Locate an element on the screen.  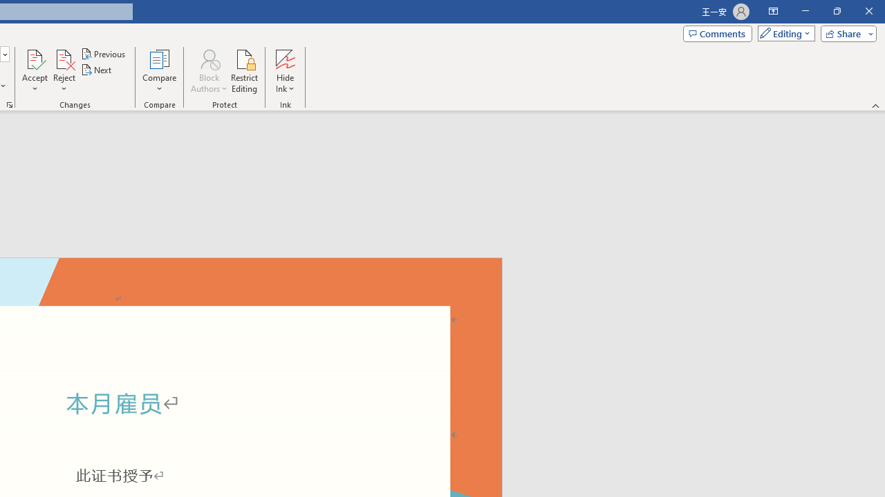
'Next' is located at coordinates (96, 70).